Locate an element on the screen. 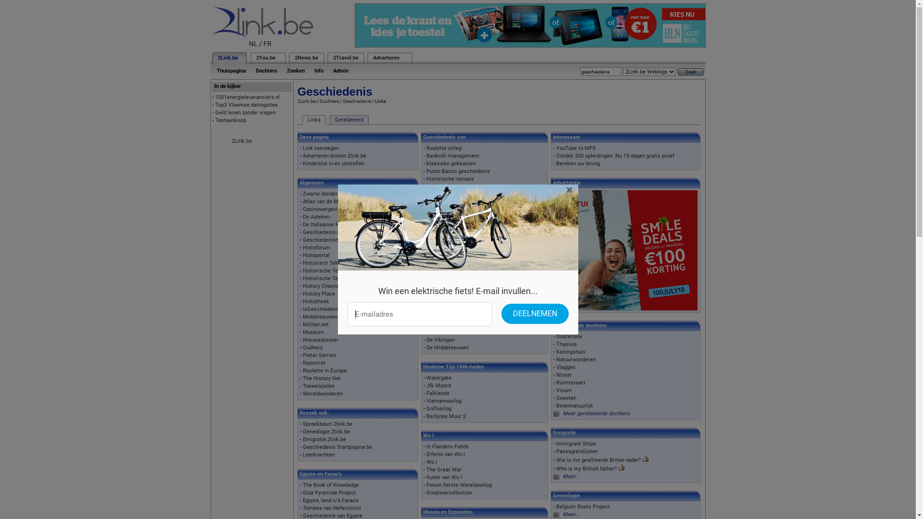 The height and width of the screenshot is (519, 923). 'Emigratie.2link.be' is located at coordinates (324, 439).